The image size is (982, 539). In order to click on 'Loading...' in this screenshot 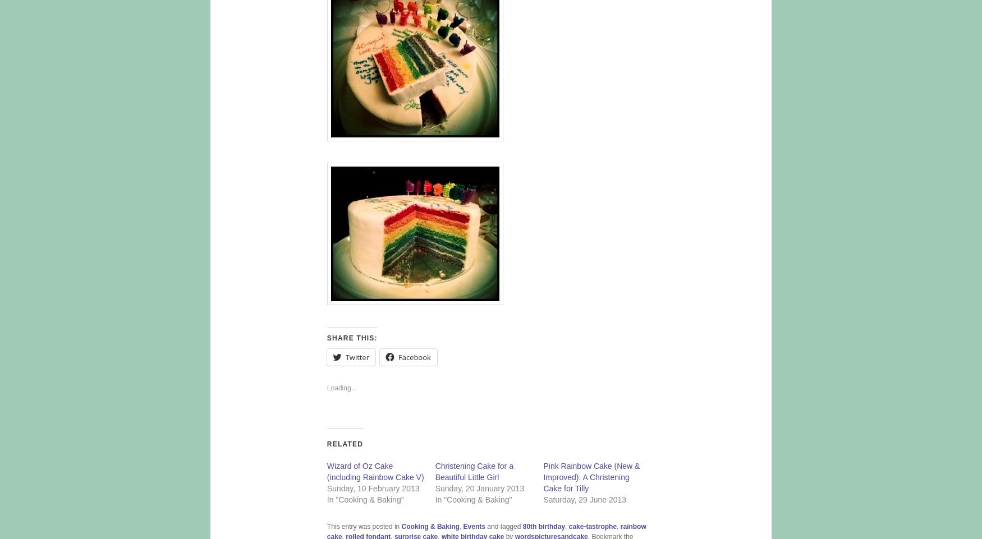, I will do `click(341, 388)`.